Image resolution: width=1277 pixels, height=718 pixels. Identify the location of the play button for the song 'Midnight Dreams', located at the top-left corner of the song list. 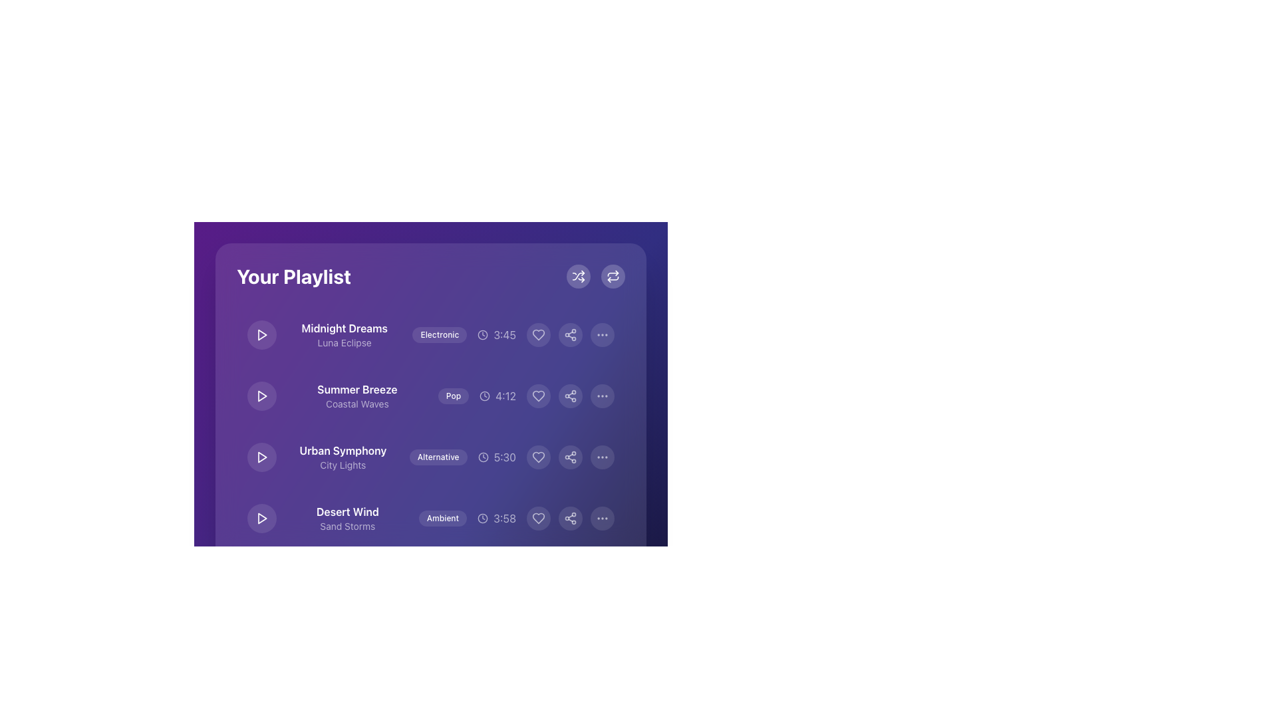
(261, 334).